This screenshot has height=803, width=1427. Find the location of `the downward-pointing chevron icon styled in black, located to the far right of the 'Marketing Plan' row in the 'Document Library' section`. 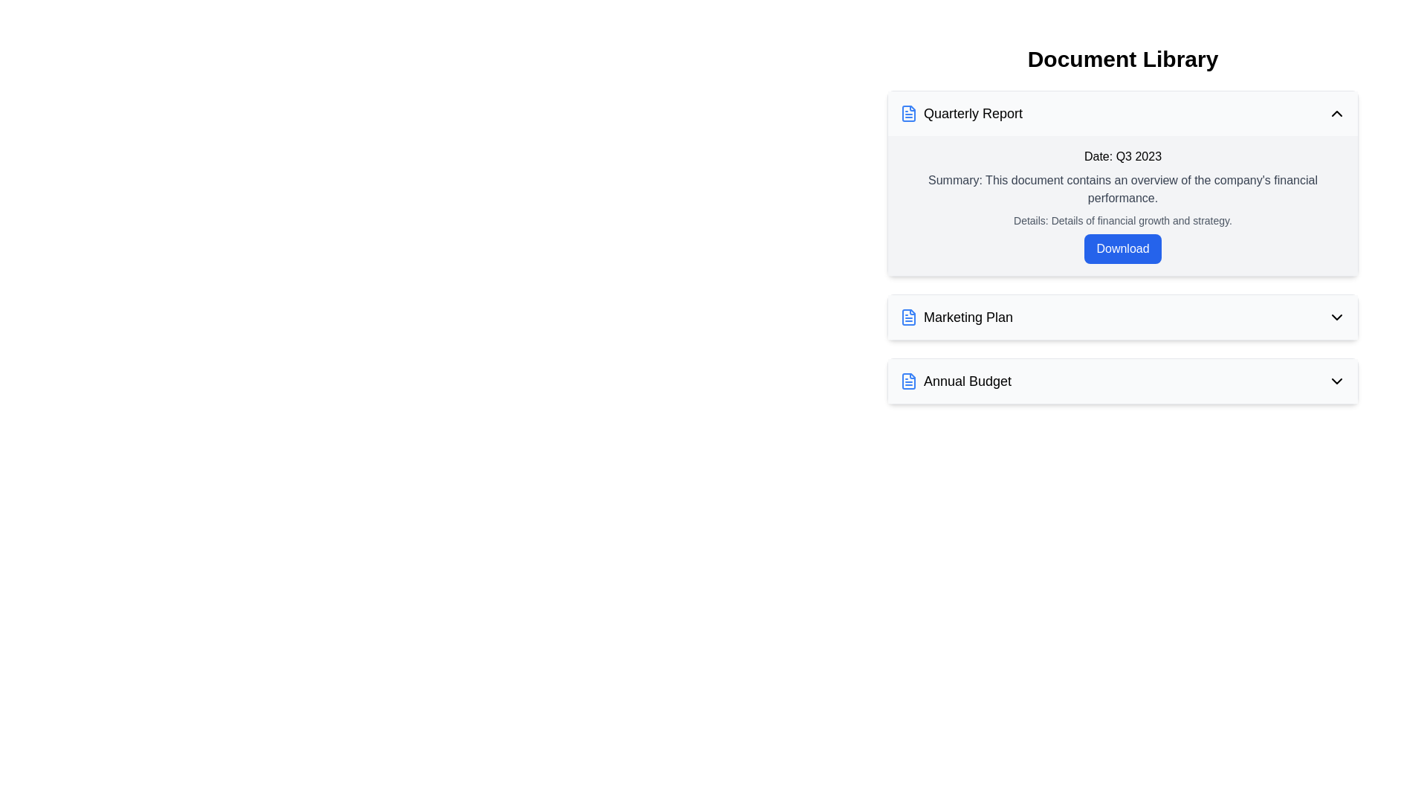

the downward-pointing chevron icon styled in black, located to the far right of the 'Marketing Plan' row in the 'Document Library' section is located at coordinates (1337, 317).